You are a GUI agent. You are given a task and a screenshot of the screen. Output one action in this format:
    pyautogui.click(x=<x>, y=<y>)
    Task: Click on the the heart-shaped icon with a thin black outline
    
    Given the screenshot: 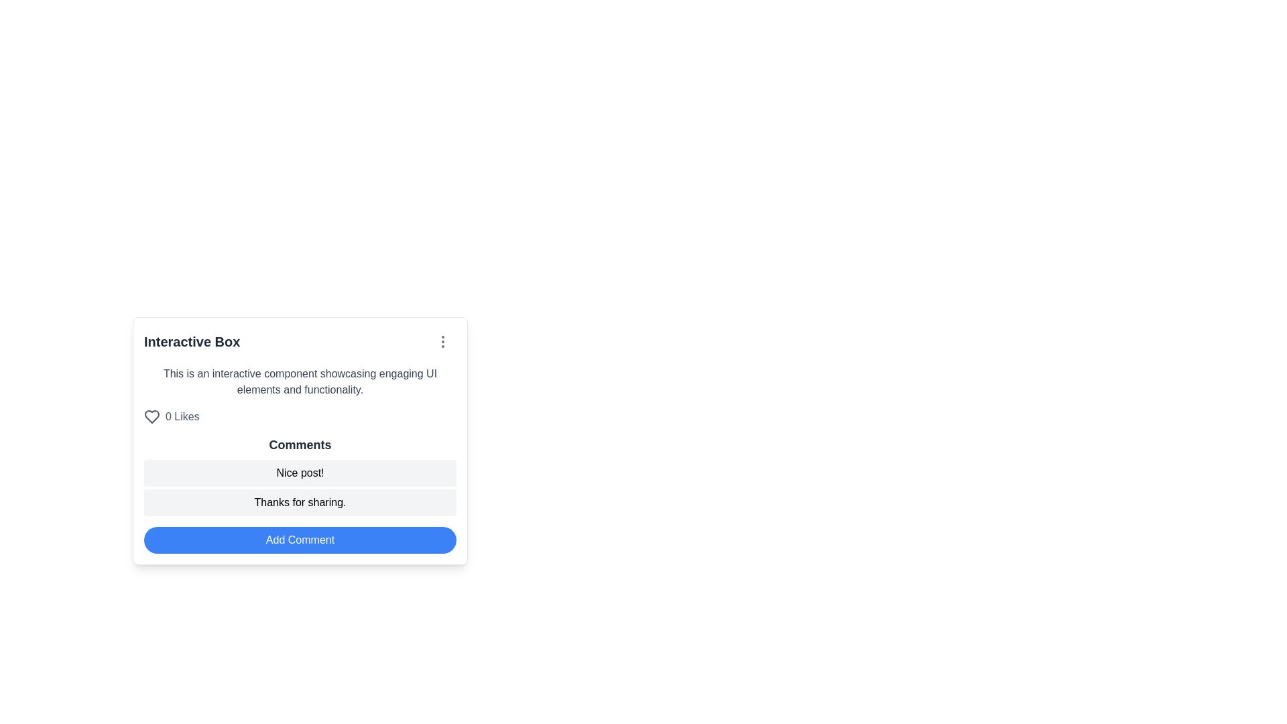 What is the action you would take?
    pyautogui.click(x=151, y=416)
    